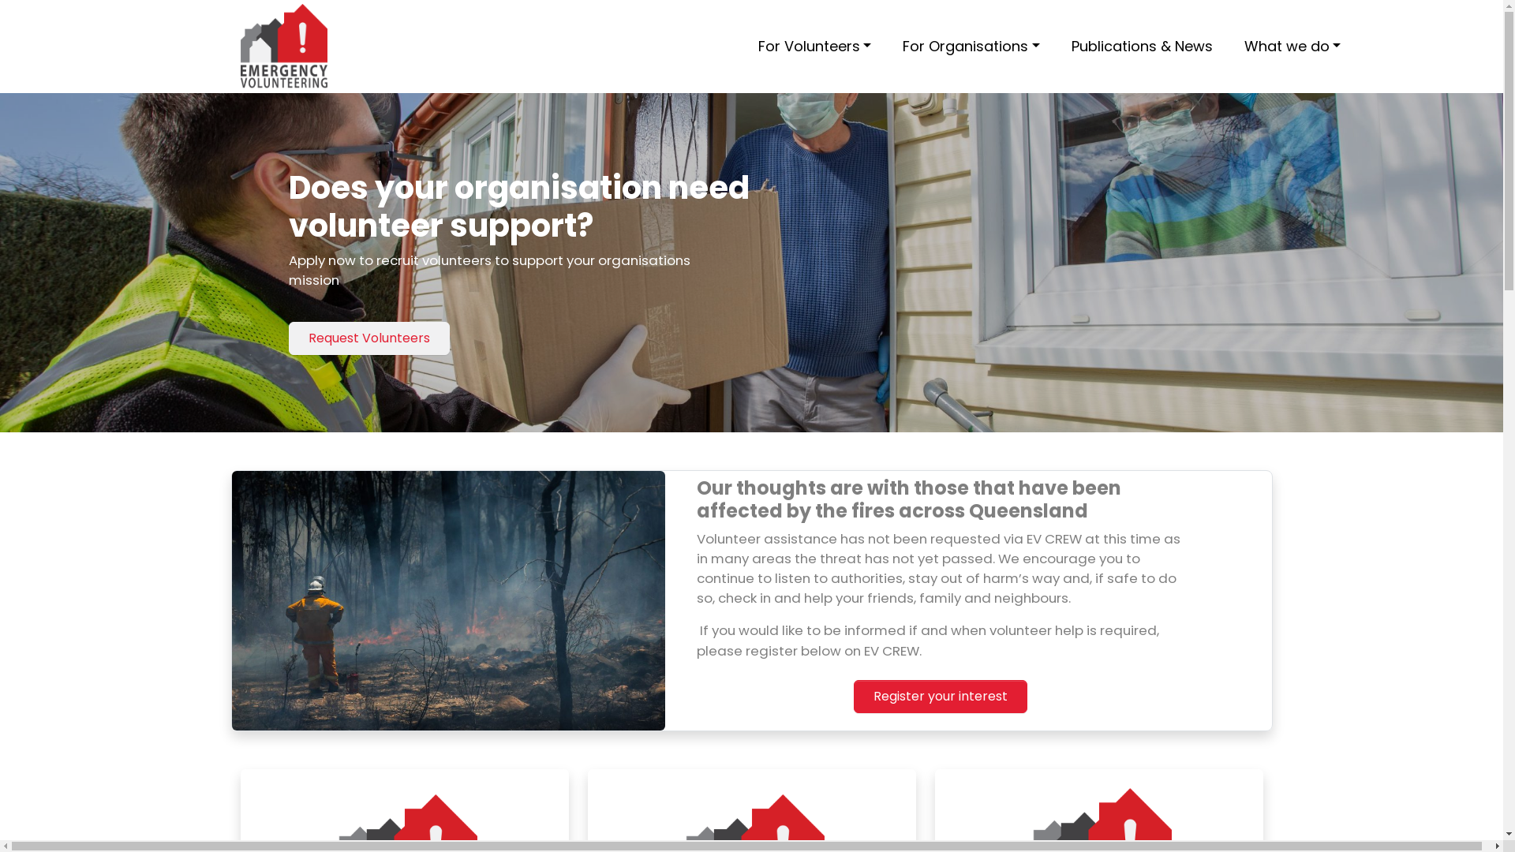 This screenshot has height=852, width=1515. What do you see at coordinates (368, 337) in the screenshot?
I see `'Request Volunteers'` at bounding box center [368, 337].